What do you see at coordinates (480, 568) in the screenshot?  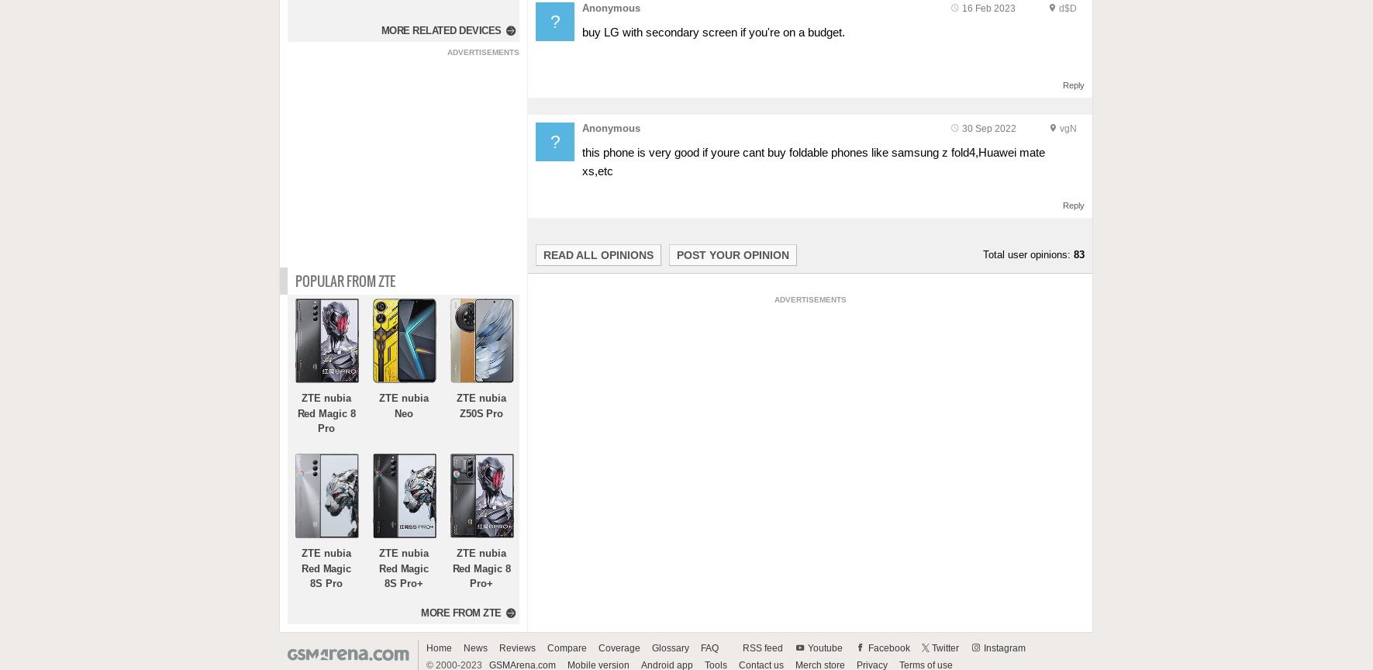 I see `'ZTE nubia Red Magic 8 Pro+'` at bounding box center [480, 568].